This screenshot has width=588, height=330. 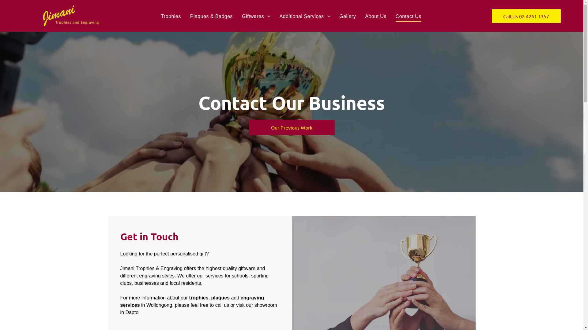 What do you see at coordinates (360, 16) in the screenshot?
I see `'About Us'` at bounding box center [360, 16].